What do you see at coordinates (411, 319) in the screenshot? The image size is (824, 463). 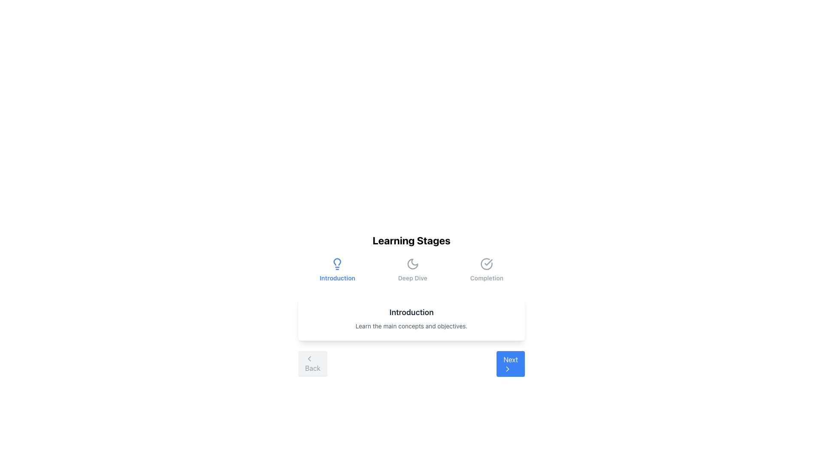 I see `the Informational text display box located centrally below the 'Learning Stages' header and above the 'Back' and 'Next' buttons` at bounding box center [411, 319].